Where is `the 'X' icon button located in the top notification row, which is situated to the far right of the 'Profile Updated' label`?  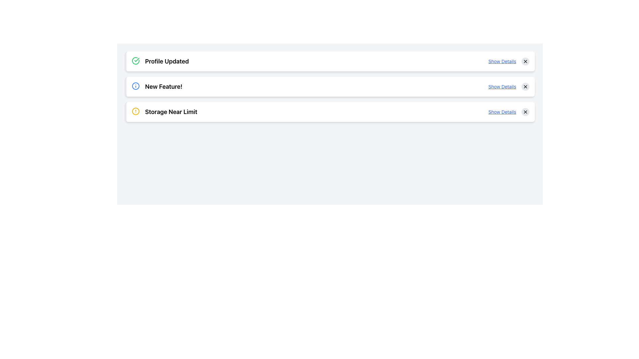
the 'X' icon button located in the top notification row, which is situated to the far right of the 'Profile Updated' label is located at coordinates (525, 61).